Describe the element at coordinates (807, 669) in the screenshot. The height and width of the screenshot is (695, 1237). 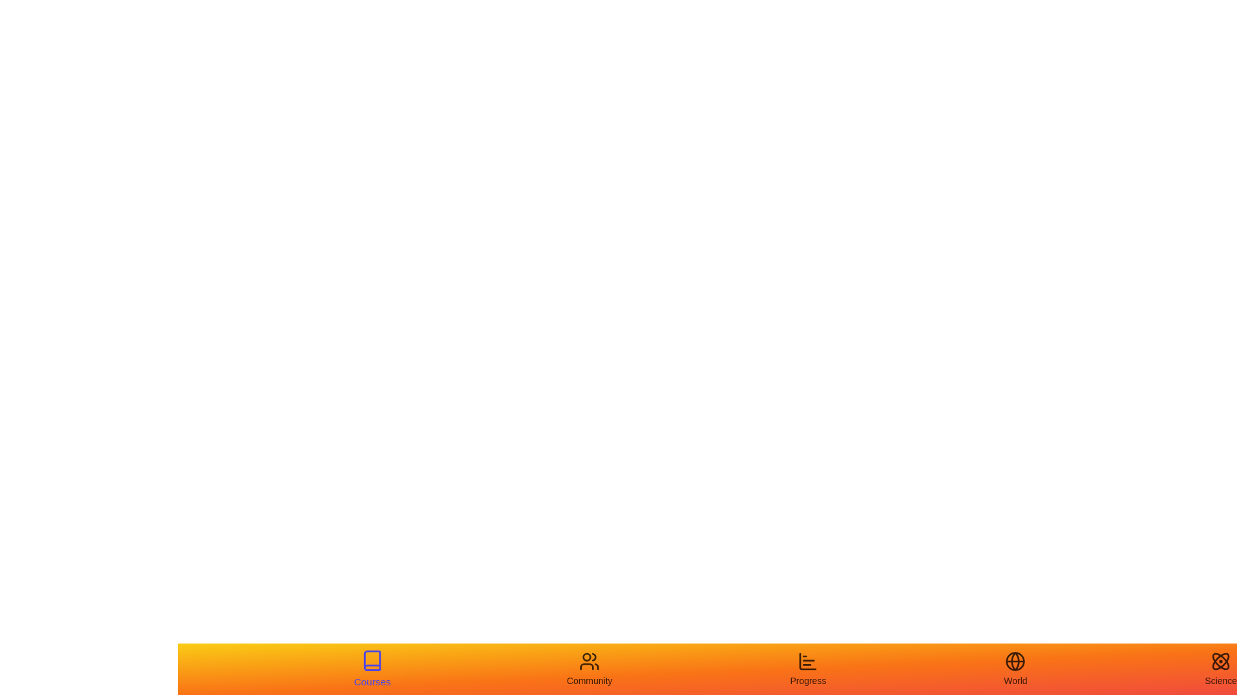
I see `the tab labeled Progress` at that location.